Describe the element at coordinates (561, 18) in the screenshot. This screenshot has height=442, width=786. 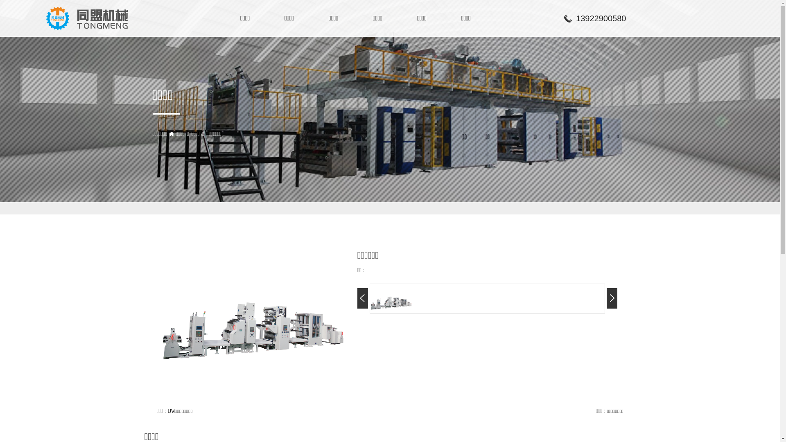
I see `'13922900580'` at that location.